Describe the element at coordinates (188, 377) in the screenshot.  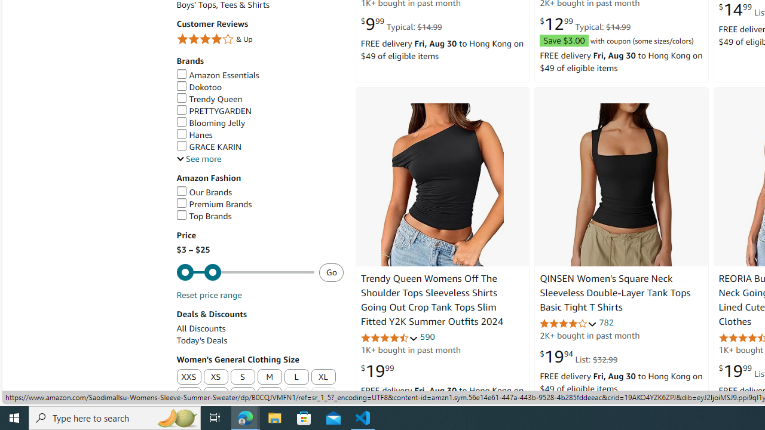
I see `'XXS'` at that location.